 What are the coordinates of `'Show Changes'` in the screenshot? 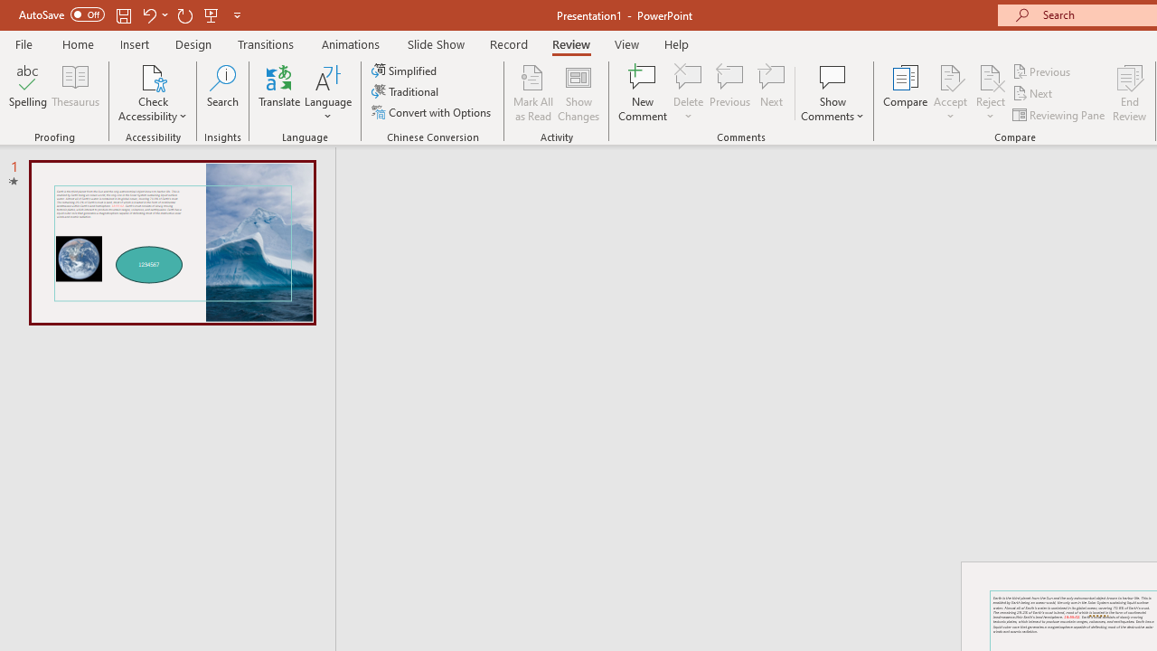 It's located at (578, 93).